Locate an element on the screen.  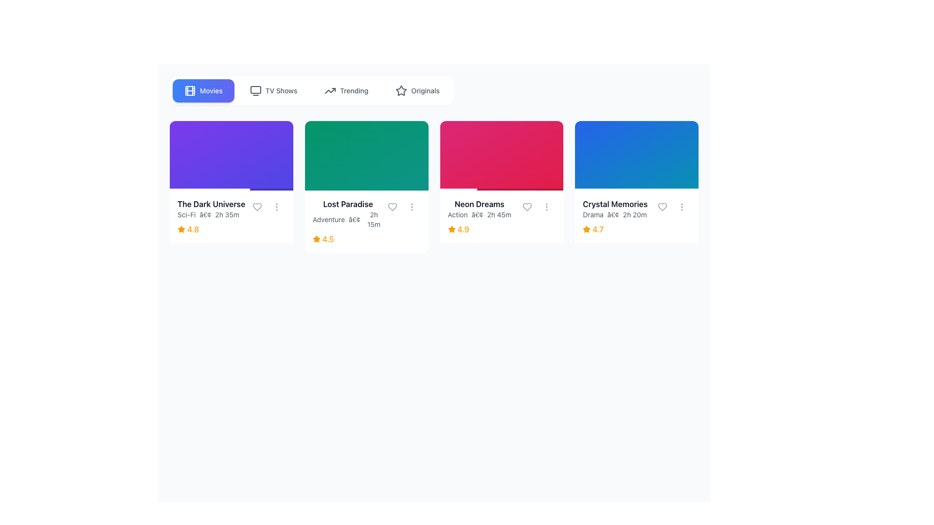
the text block displaying 'Lost Paradise' and 'Adventure • 2h 15m' within the second info card with a green background is located at coordinates (348, 213).